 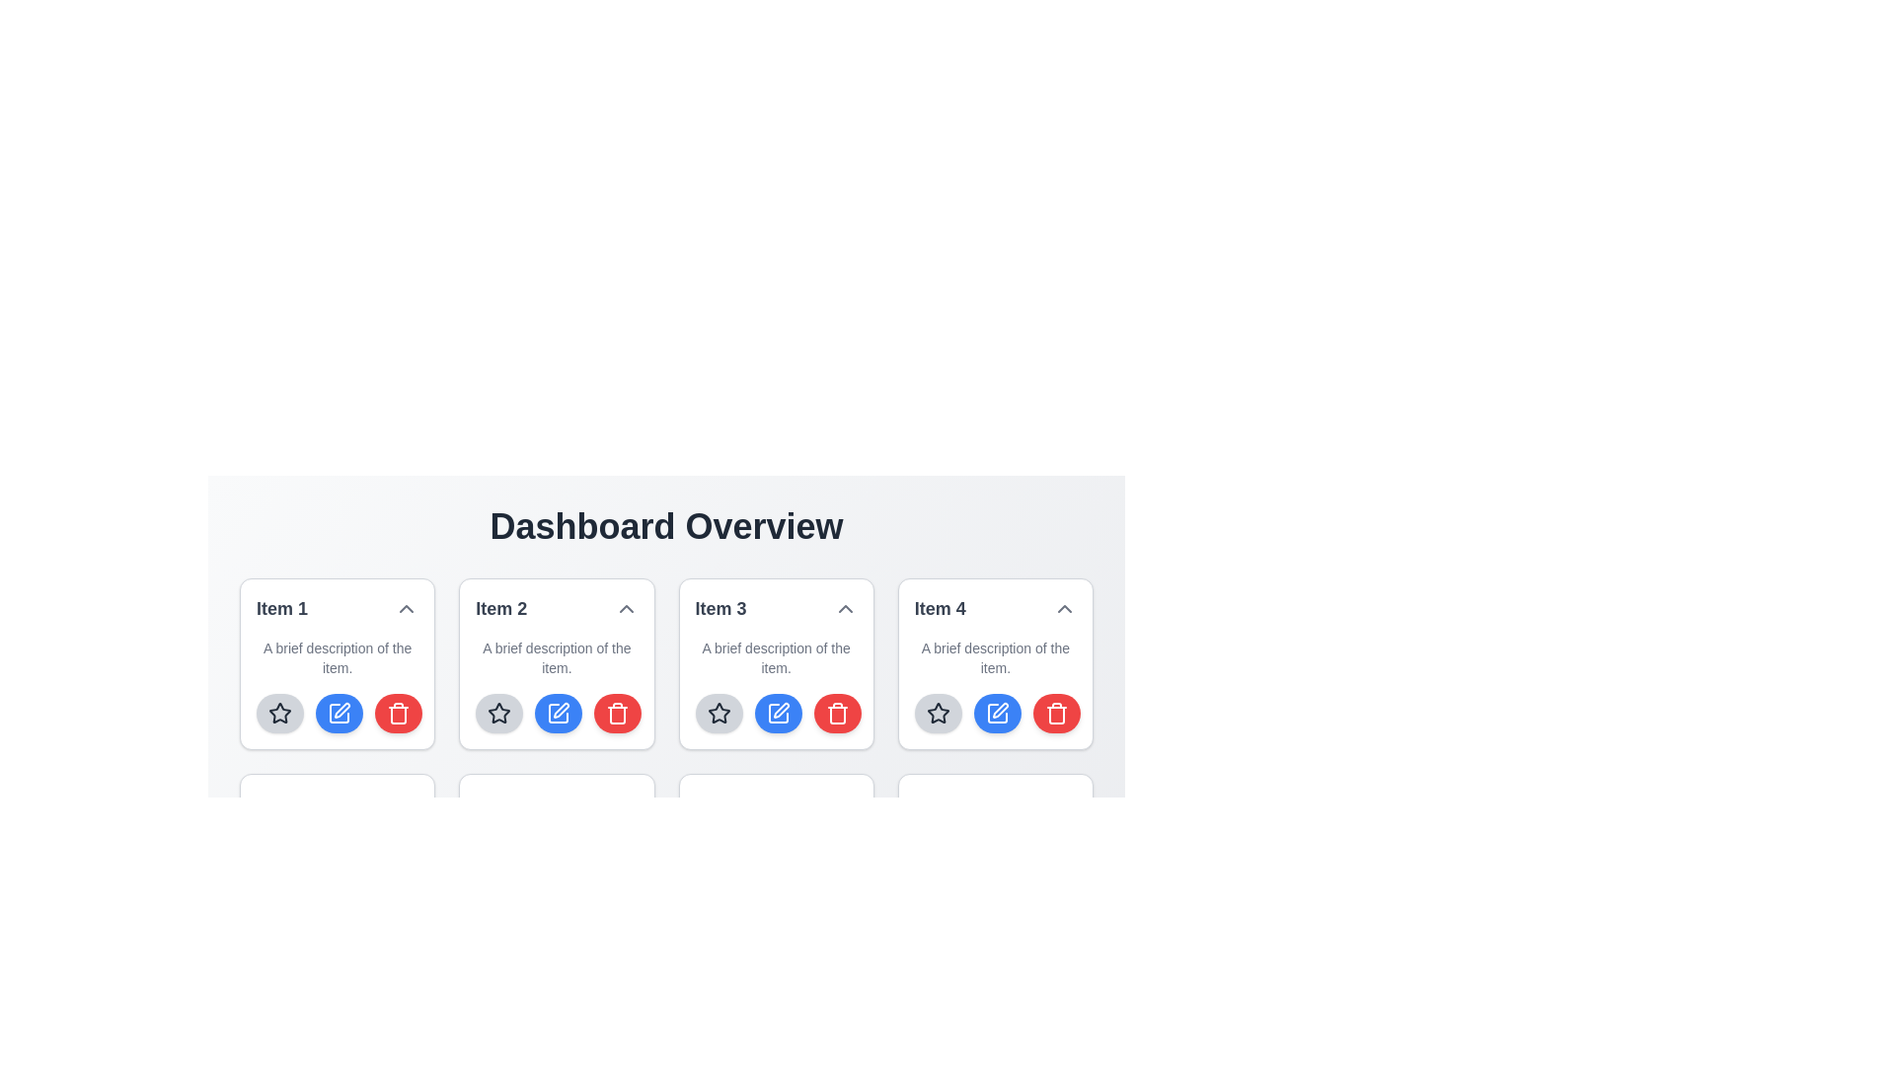 What do you see at coordinates (997, 713) in the screenshot?
I see `the small square icon resembling a pencil within a blue circular background, located at the bottom center of the fourth card labeled 'Item 4', to receive a visual response if enabled` at bounding box center [997, 713].